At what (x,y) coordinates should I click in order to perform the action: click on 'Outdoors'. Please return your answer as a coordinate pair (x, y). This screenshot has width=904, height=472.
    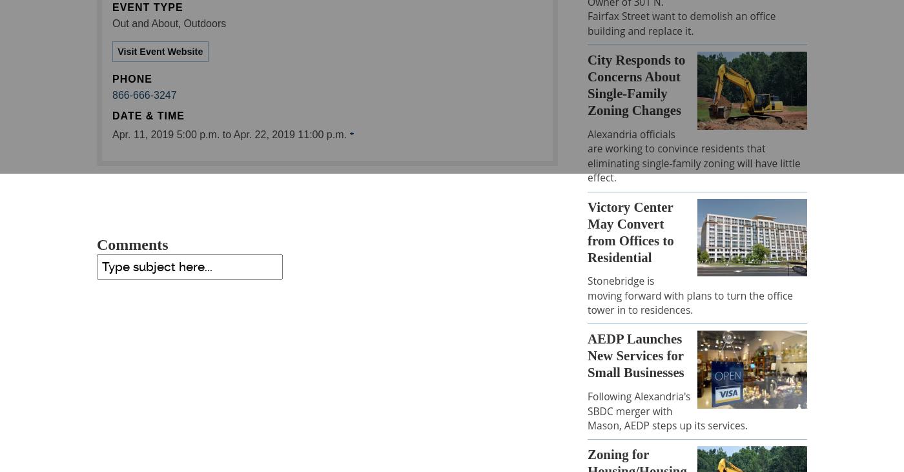
    Looking at the image, I should click on (204, 23).